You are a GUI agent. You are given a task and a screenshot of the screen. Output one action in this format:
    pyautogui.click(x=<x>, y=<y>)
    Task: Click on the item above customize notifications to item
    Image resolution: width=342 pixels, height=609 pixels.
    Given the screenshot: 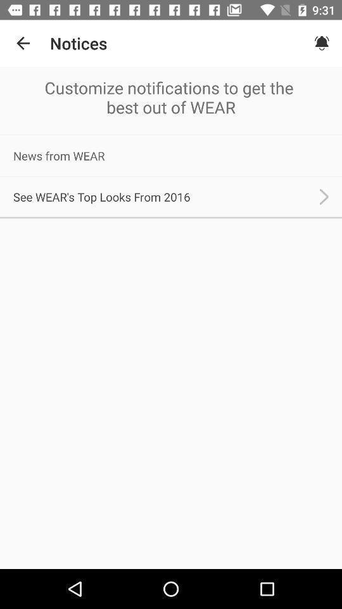 What is the action you would take?
    pyautogui.click(x=322, y=43)
    